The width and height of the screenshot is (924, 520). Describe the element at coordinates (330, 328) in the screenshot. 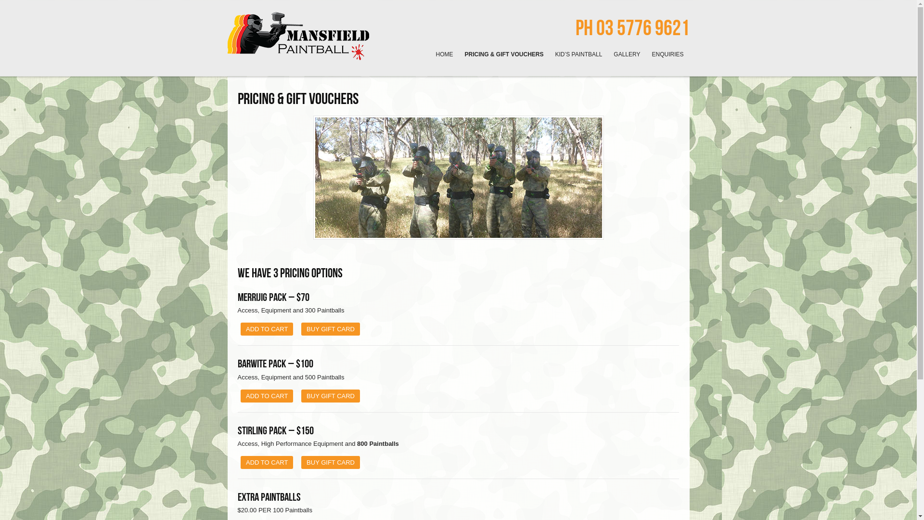

I see `'BUY GIFT CARD'` at that location.